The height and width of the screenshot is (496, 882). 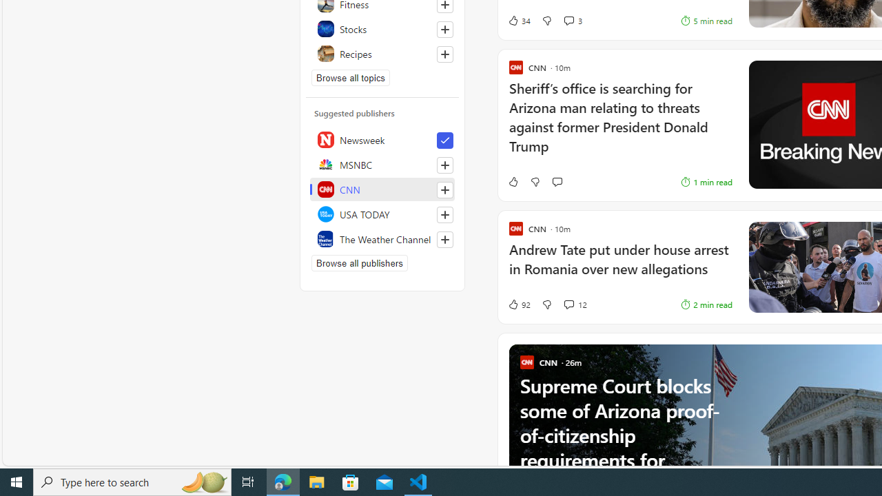 What do you see at coordinates (382, 29) in the screenshot?
I see `'Stocks'` at bounding box center [382, 29].